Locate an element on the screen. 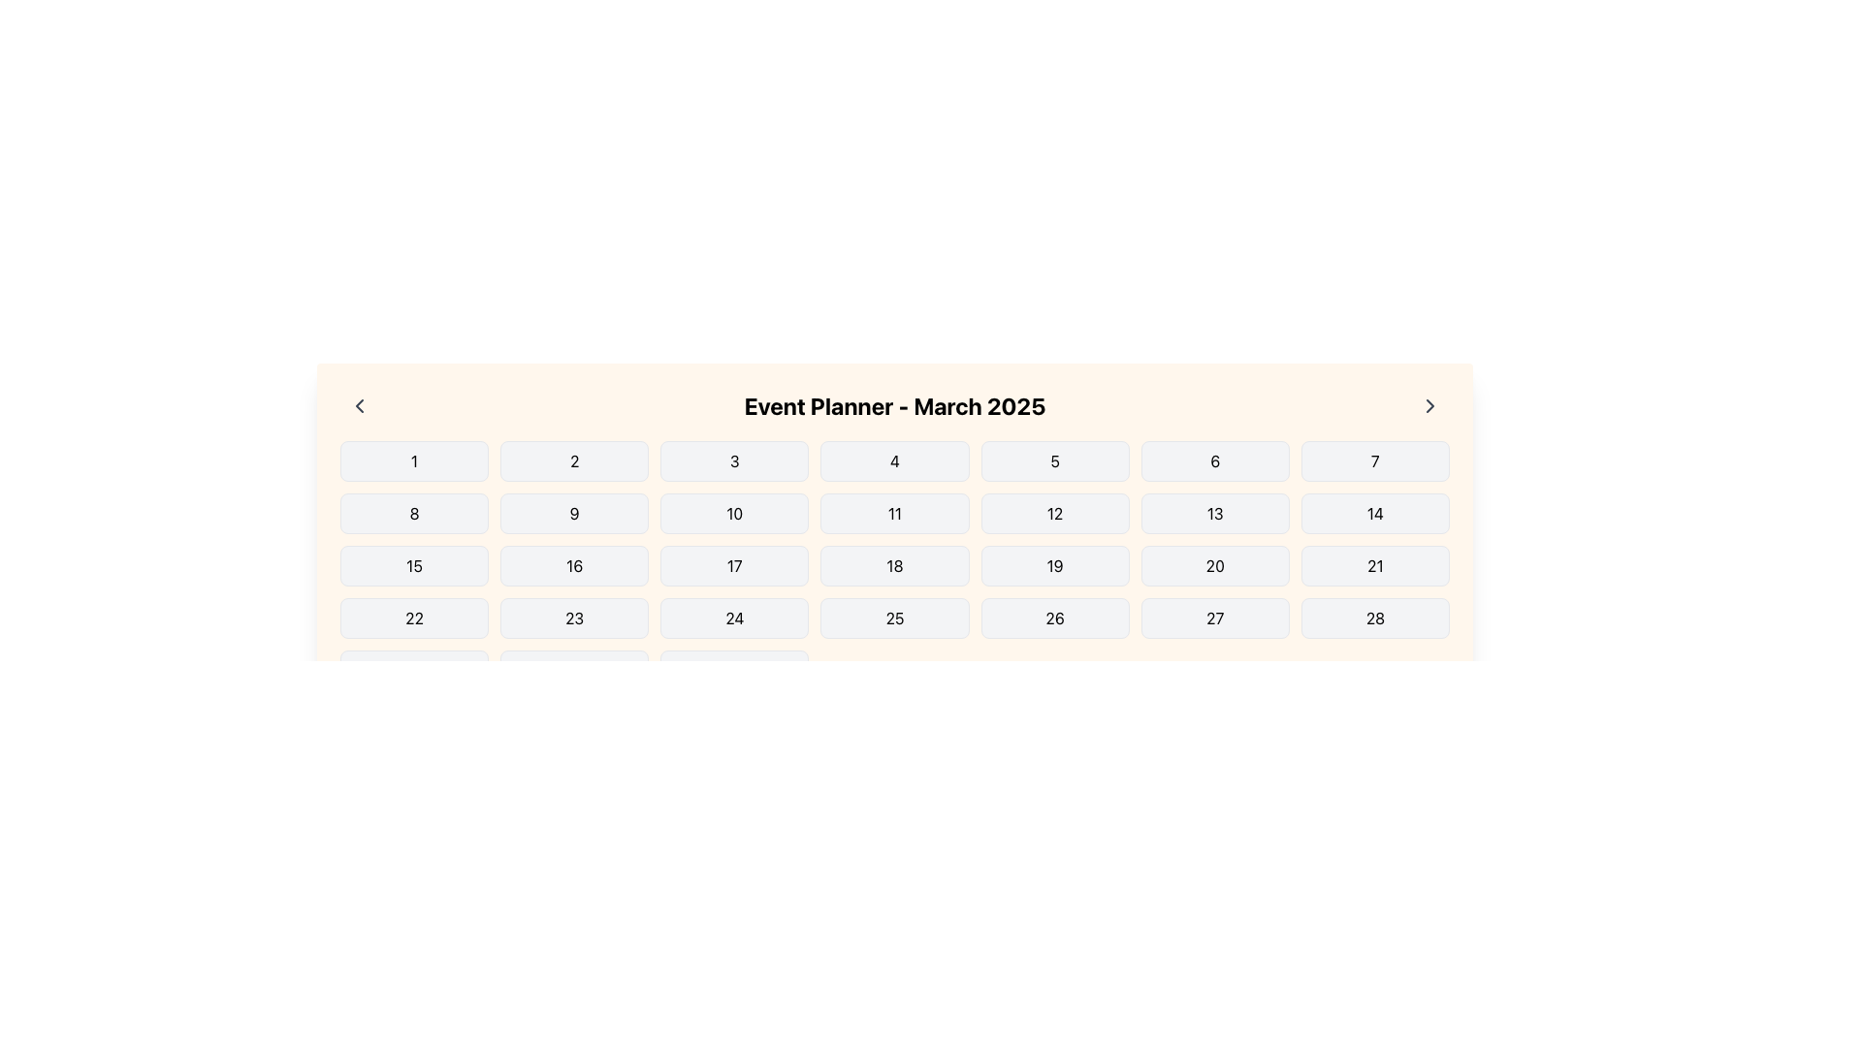 The height and width of the screenshot is (1047, 1862). the left-pointing chevron arrow icon located in the upper-left corner of the header section, to the left of the title 'Event Planner - March 2025' is located at coordinates (359, 405).